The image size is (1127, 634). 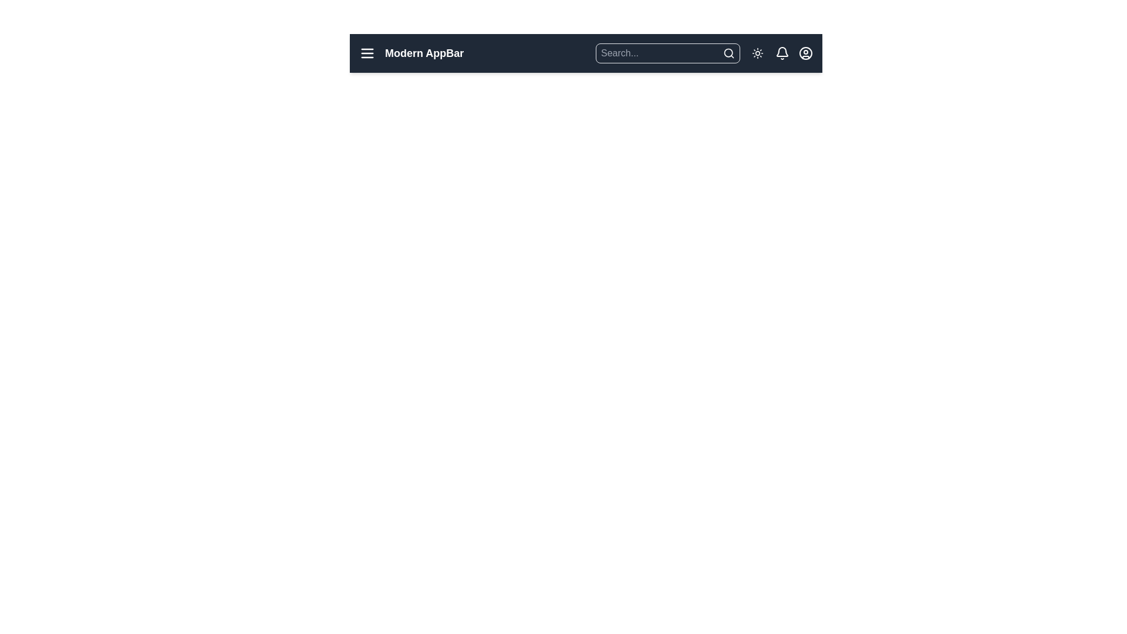 I want to click on the search bar input field to focus it for text entry, so click(x=659, y=53).